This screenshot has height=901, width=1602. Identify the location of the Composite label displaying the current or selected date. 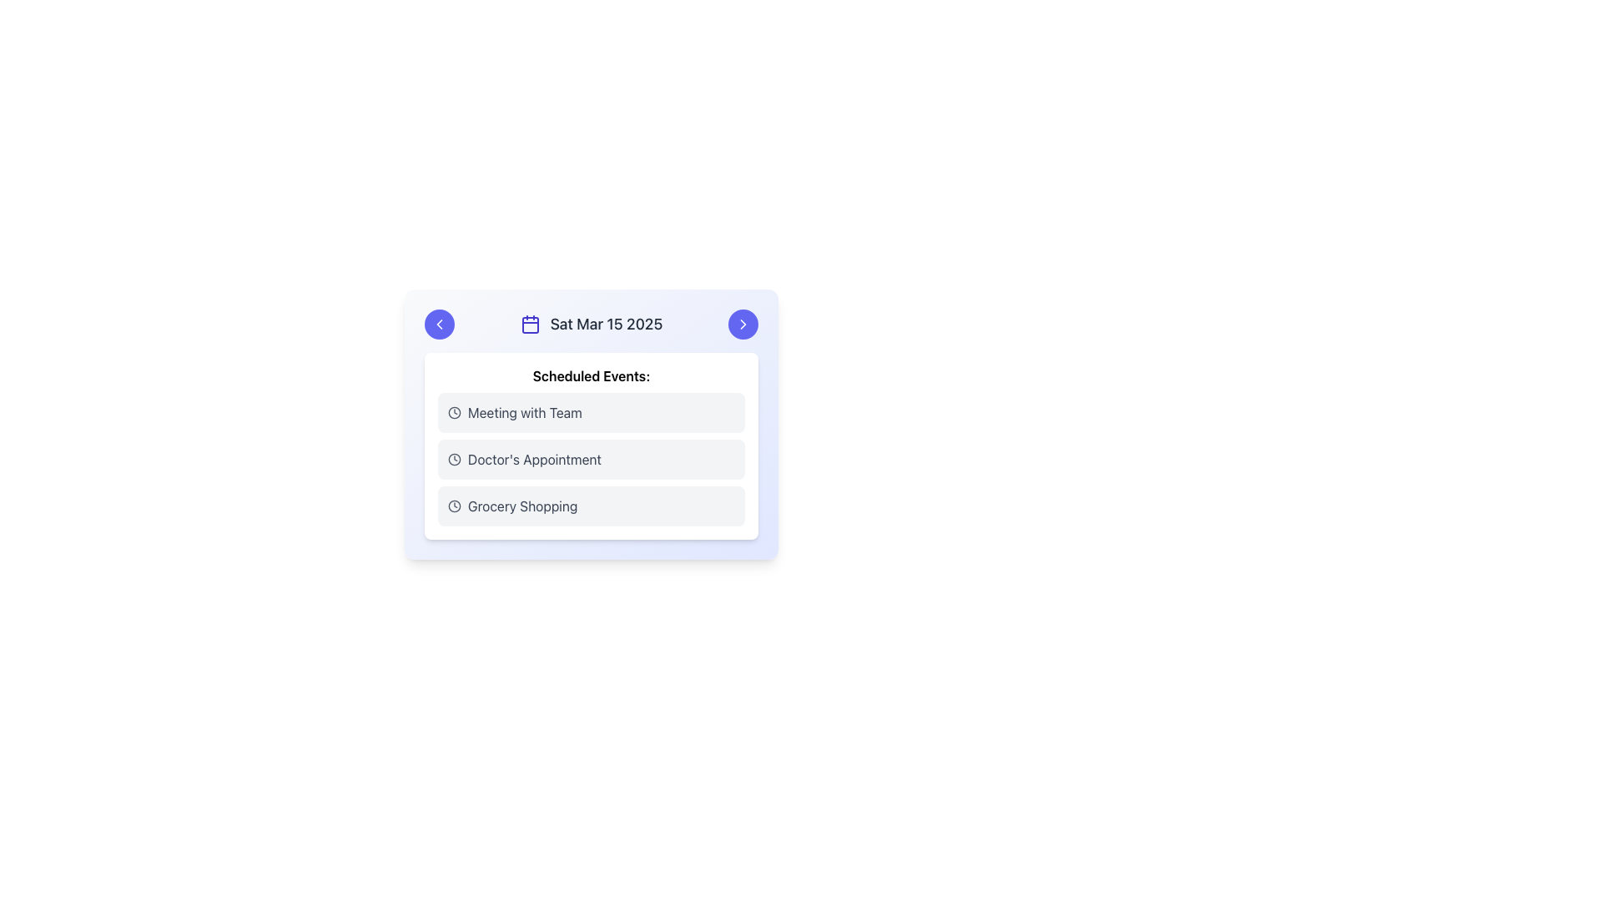
(592, 325).